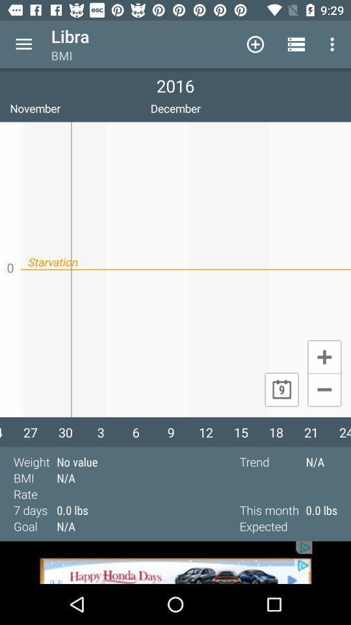 The image size is (351, 625). I want to click on decrement button, so click(324, 391).